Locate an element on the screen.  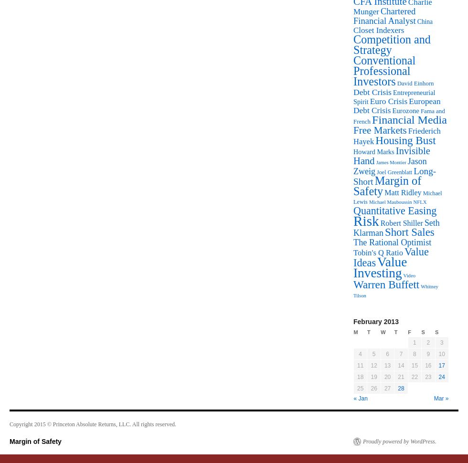
'Matt Ridley' is located at coordinates (403, 192).